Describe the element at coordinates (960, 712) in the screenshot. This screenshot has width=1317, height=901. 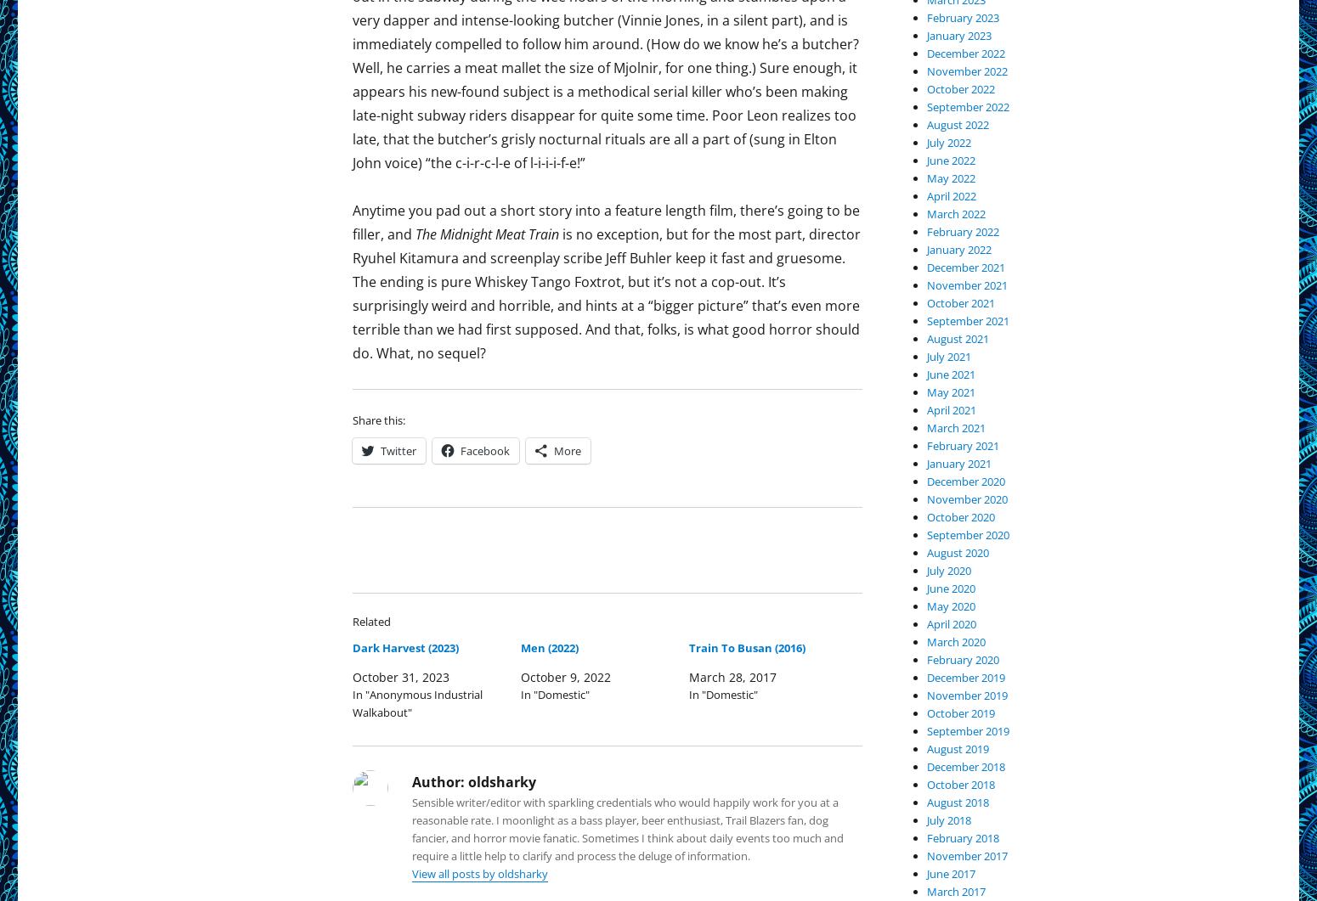
I see `'October 2019'` at that location.